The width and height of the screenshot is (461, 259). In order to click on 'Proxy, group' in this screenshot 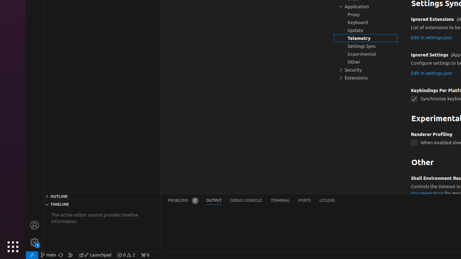, I will do `click(366, 14)`.